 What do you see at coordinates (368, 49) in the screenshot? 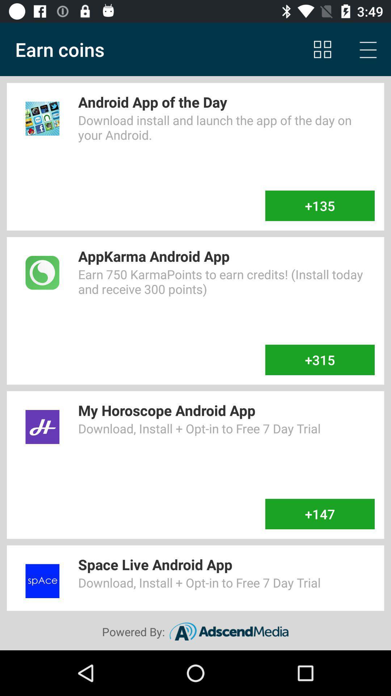
I see `icon above the android app of` at bounding box center [368, 49].